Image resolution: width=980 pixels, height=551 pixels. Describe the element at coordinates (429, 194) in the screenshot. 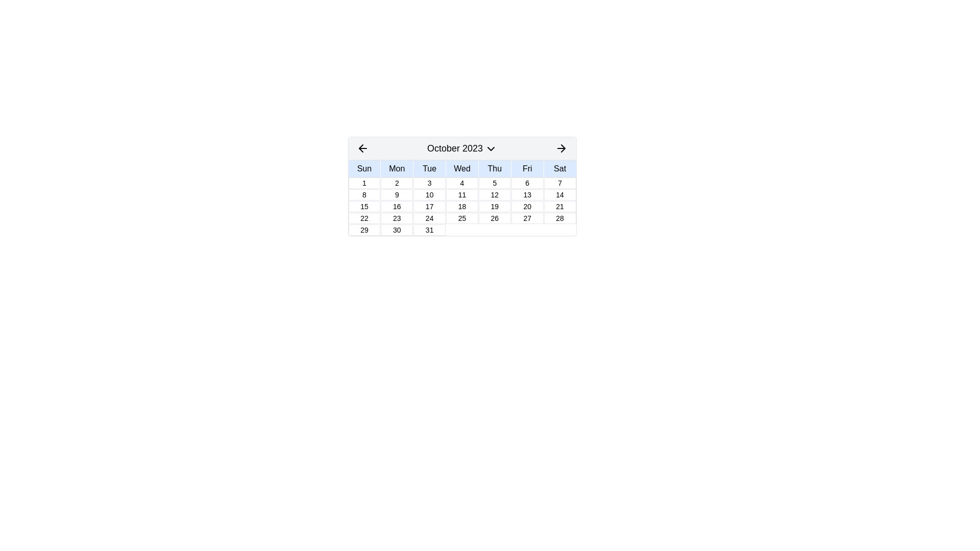

I see `the Text Label displaying the 10th day of the month in the calendar grid, located in the third column of the second row` at that location.